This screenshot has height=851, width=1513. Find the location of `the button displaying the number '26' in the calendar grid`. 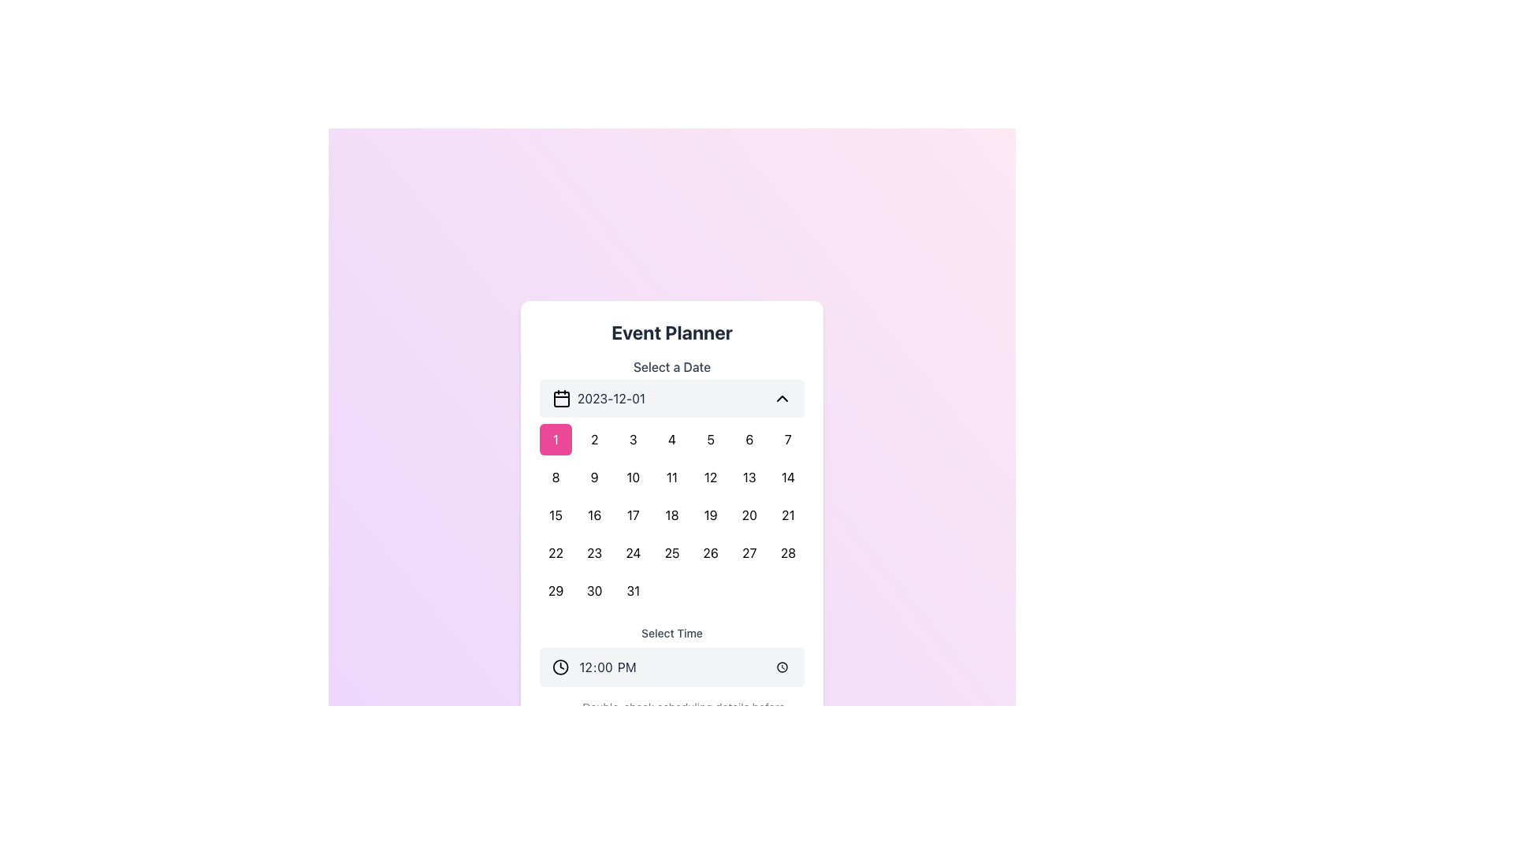

the button displaying the number '26' in the calendar grid is located at coordinates (710, 552).